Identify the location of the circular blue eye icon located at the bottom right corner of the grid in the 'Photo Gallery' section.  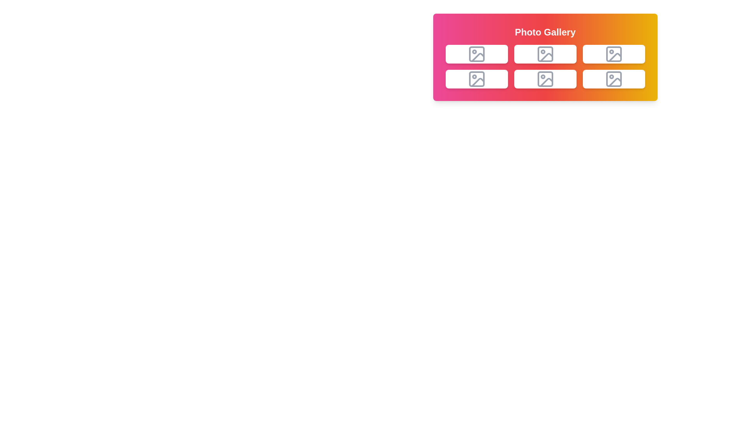
(603, 79).